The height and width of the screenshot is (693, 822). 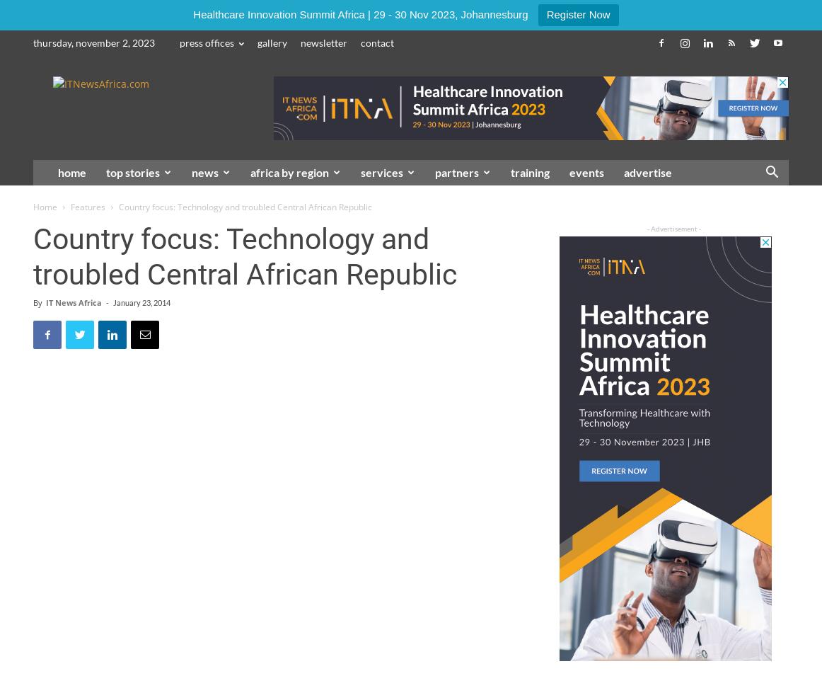 What do you see at coordinates (410, 71) in the screenshot?
I see `'Search'` at bounding box center [410, 71].